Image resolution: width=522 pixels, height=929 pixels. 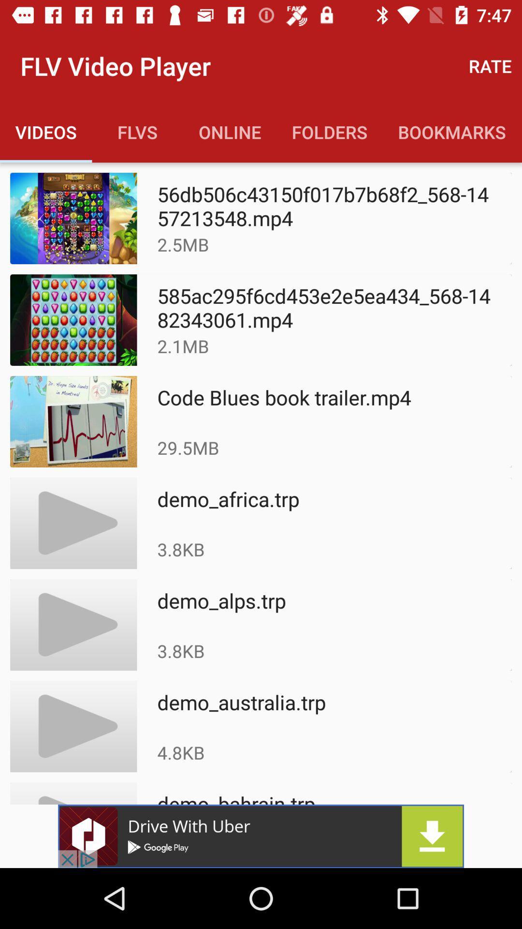 What do you see at coordinates (261, 836) in the screenshot?
I see `app icon` at bounding box center [261, 836].